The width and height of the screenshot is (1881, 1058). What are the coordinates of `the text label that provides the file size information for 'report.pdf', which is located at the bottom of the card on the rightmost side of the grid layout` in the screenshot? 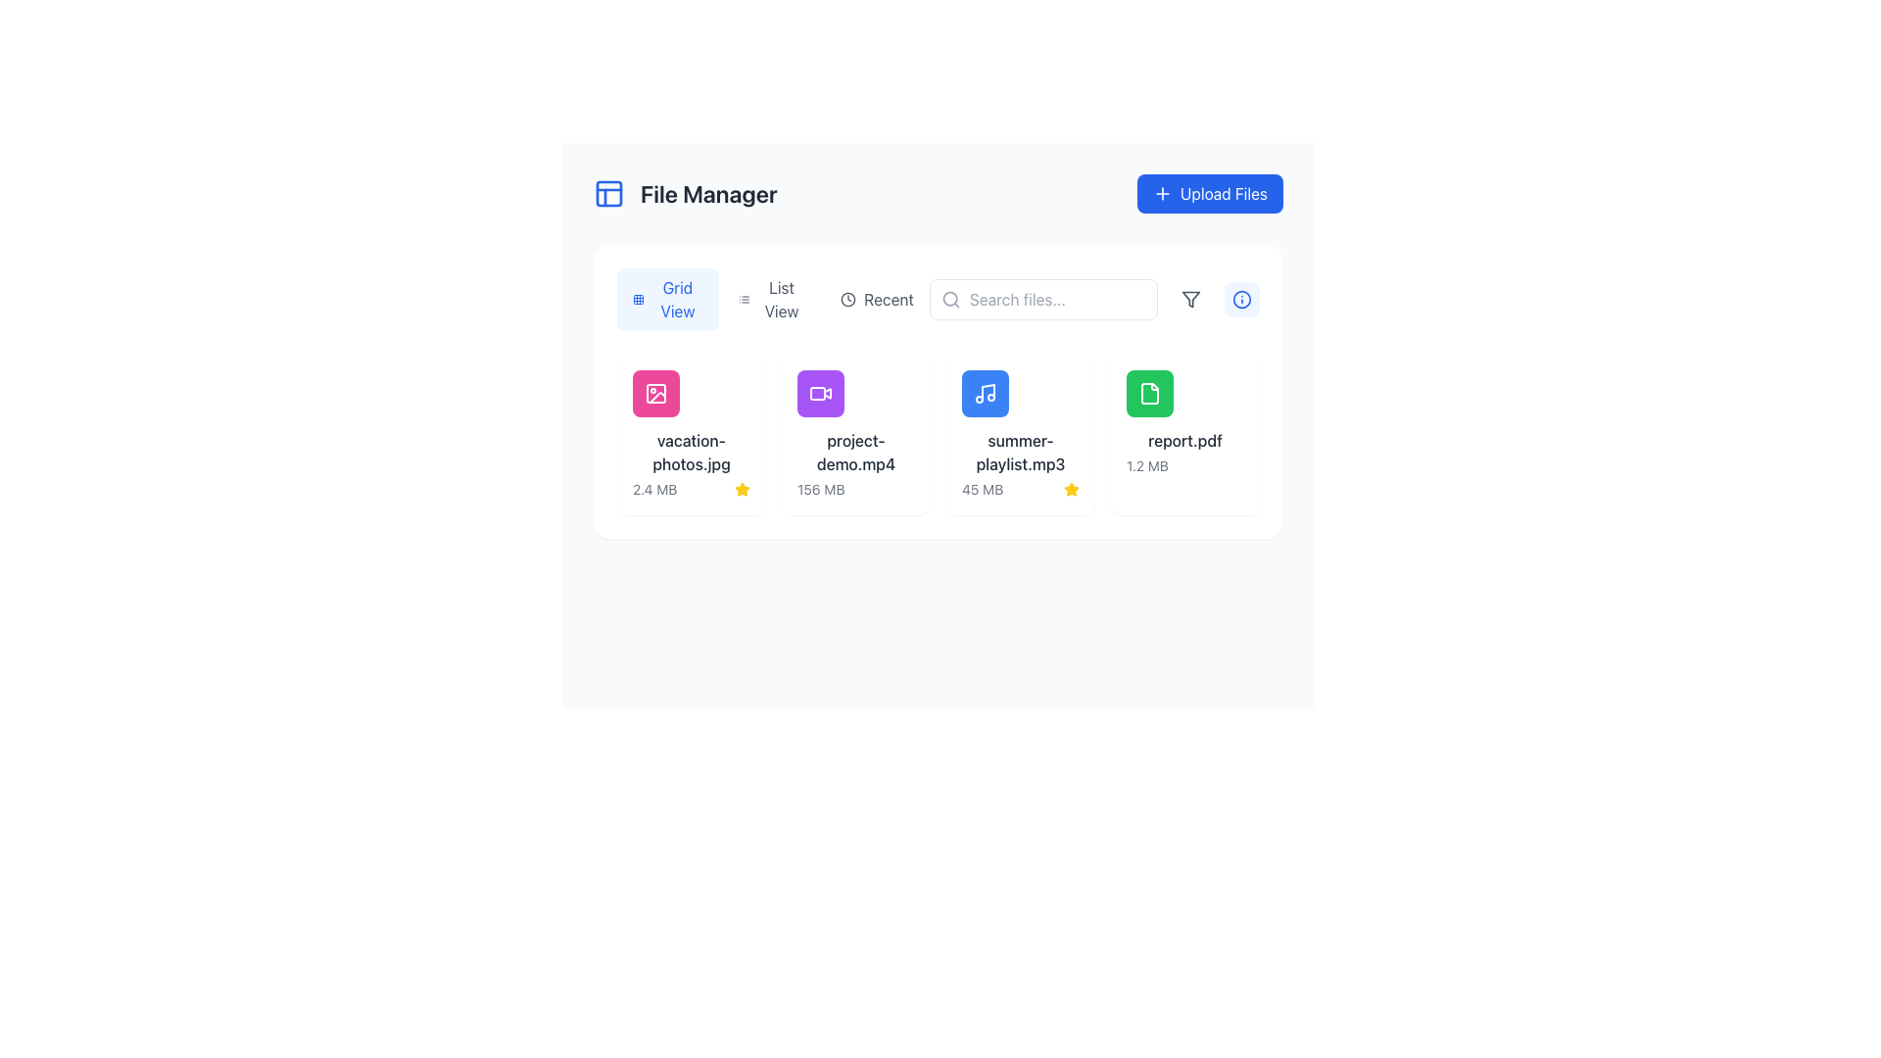 It's located at (1147, 465).